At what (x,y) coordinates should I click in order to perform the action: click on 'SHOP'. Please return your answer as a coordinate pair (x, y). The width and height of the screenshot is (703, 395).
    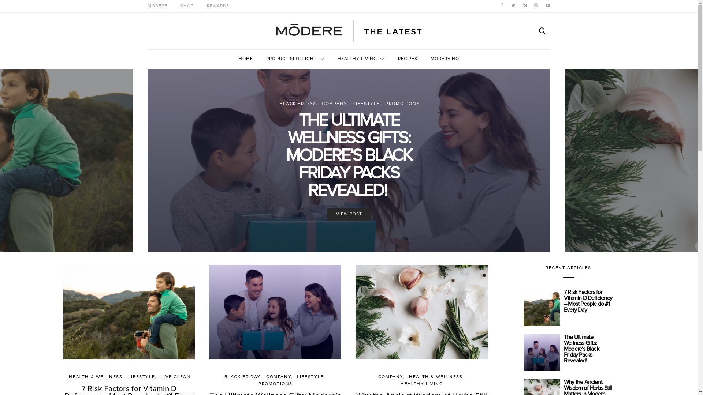
    Looking at the image, I should click on (186, 6).